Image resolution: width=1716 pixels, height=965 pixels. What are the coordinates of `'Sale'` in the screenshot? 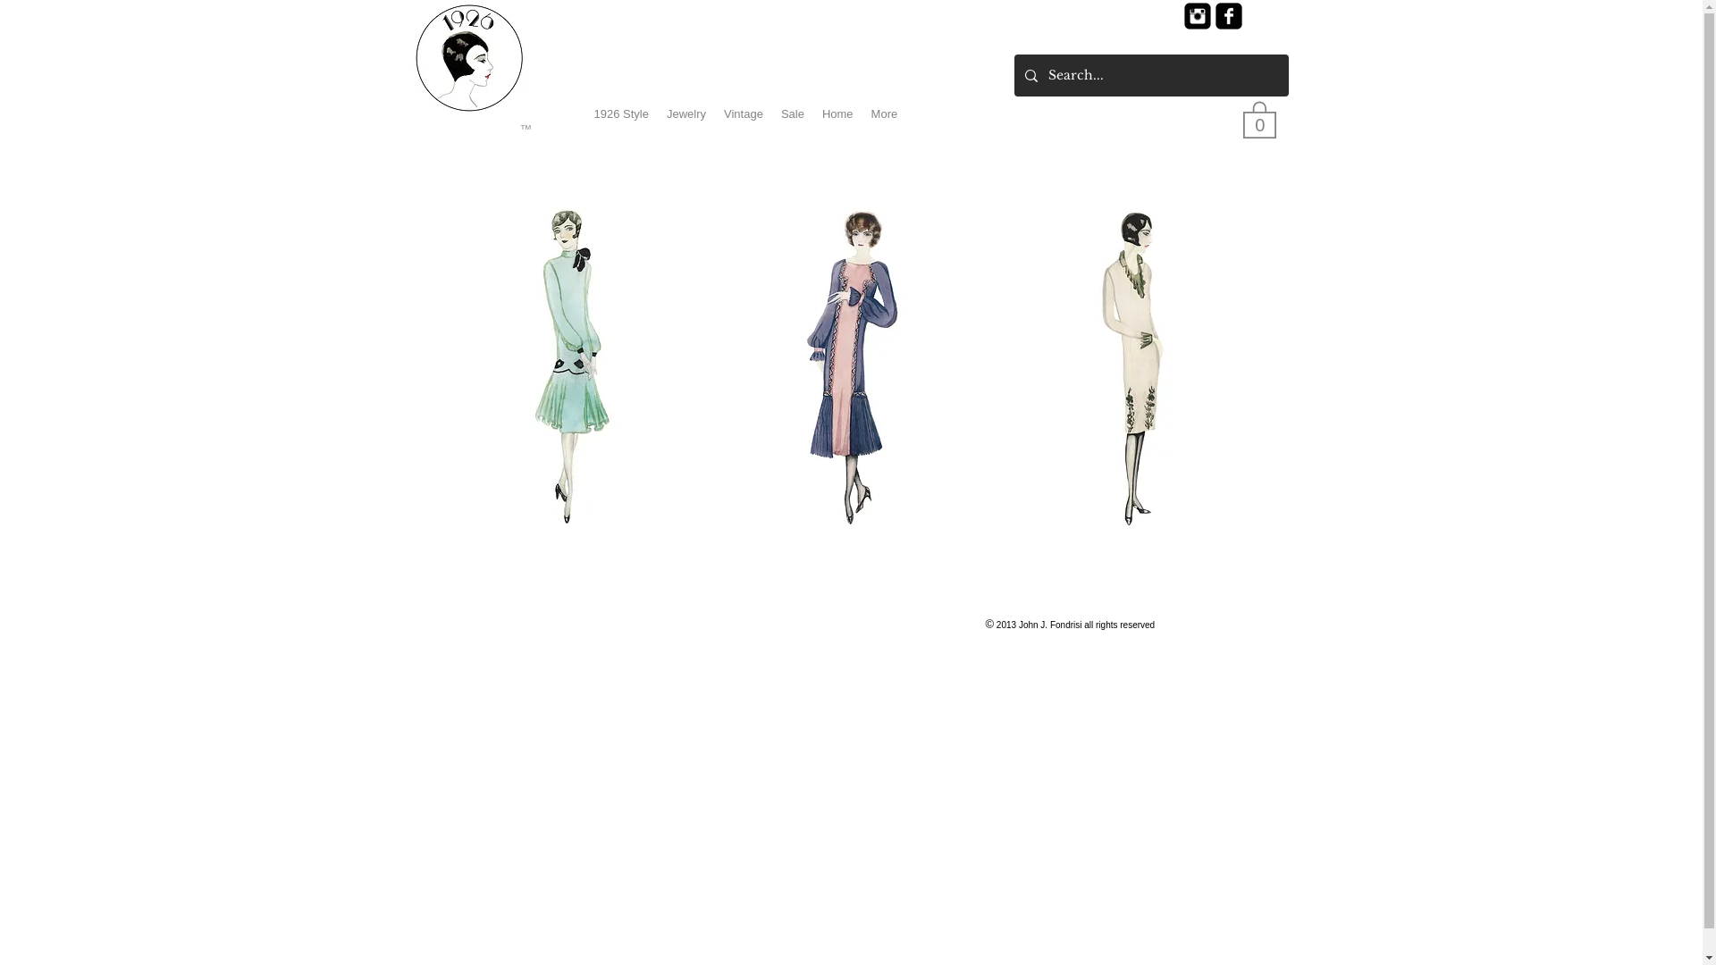 It's located at (776, 121).